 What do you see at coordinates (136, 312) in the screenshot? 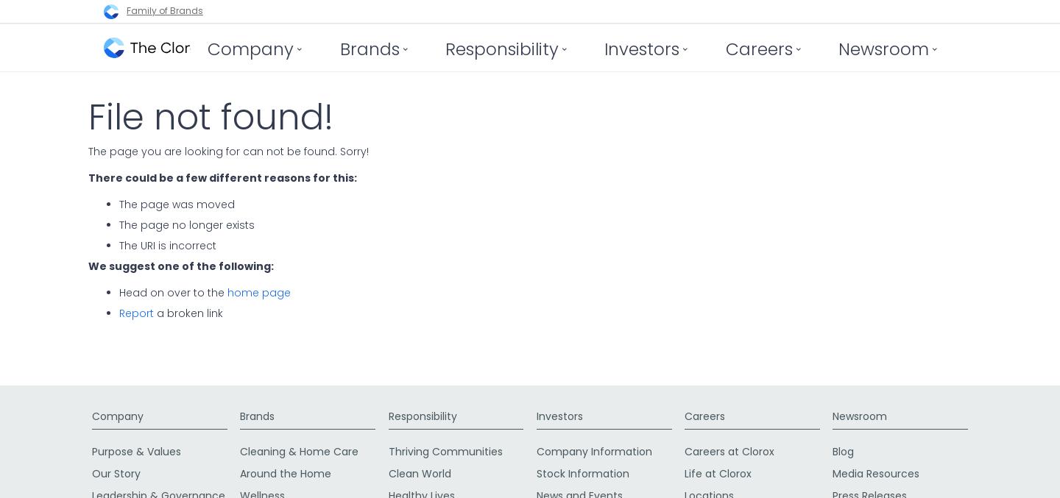
I see `'Report'` at bounding box center [136, 312].